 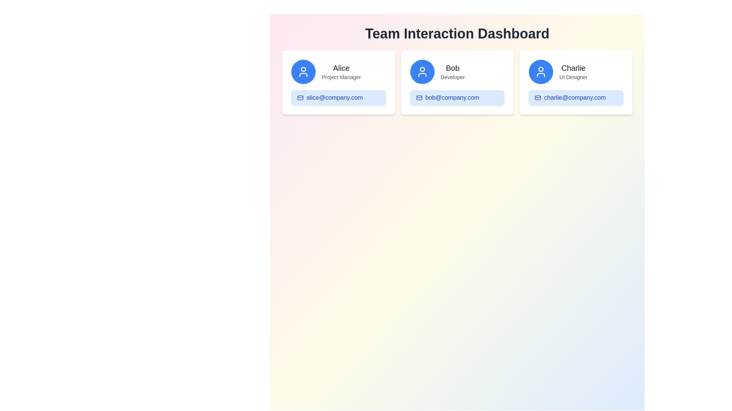 I want to click on the blue button containing the text 'bob@company.com' with an email icon, located at the bottom of the 'Bob - Developer' card, so click(x=457, y=97).